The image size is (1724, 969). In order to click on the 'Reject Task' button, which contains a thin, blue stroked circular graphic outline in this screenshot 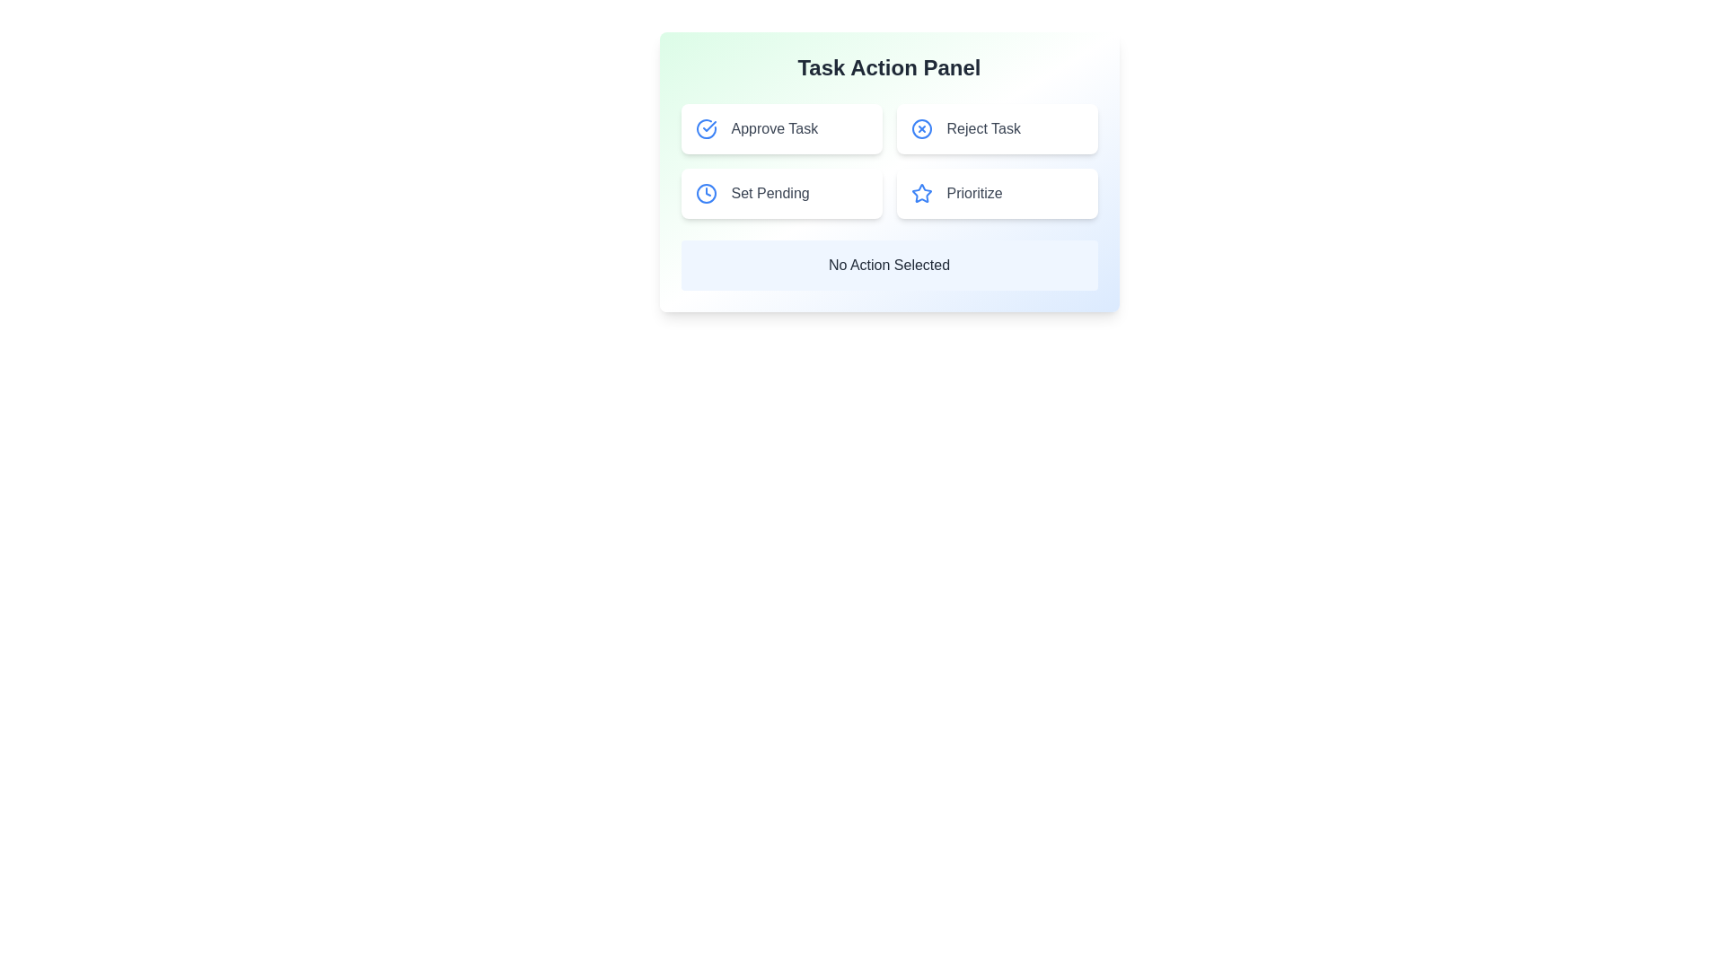, I will do `click(921, 127)`.